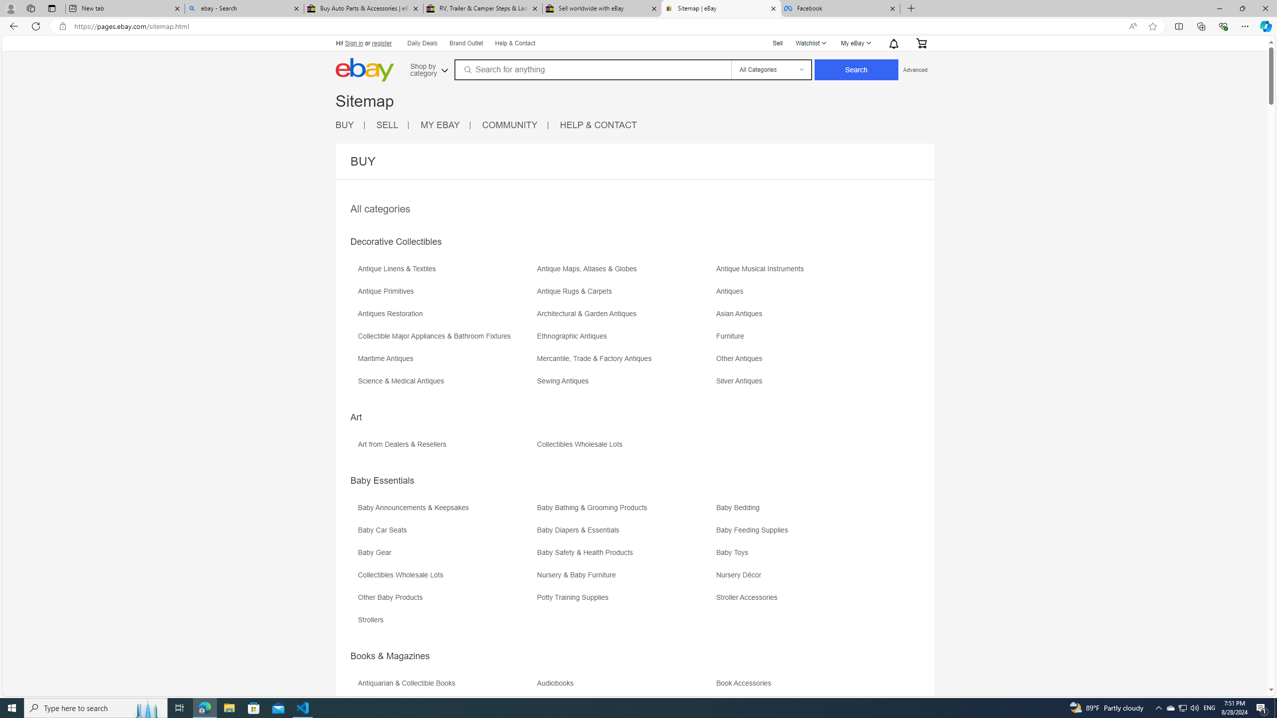 Image resolution: width=1277 pixels, height=718 pixels. Describe the element at coordinates (596, 359) in the screenshot. I see `'Mercantile, Trade & Factory Antiques'` at that location.